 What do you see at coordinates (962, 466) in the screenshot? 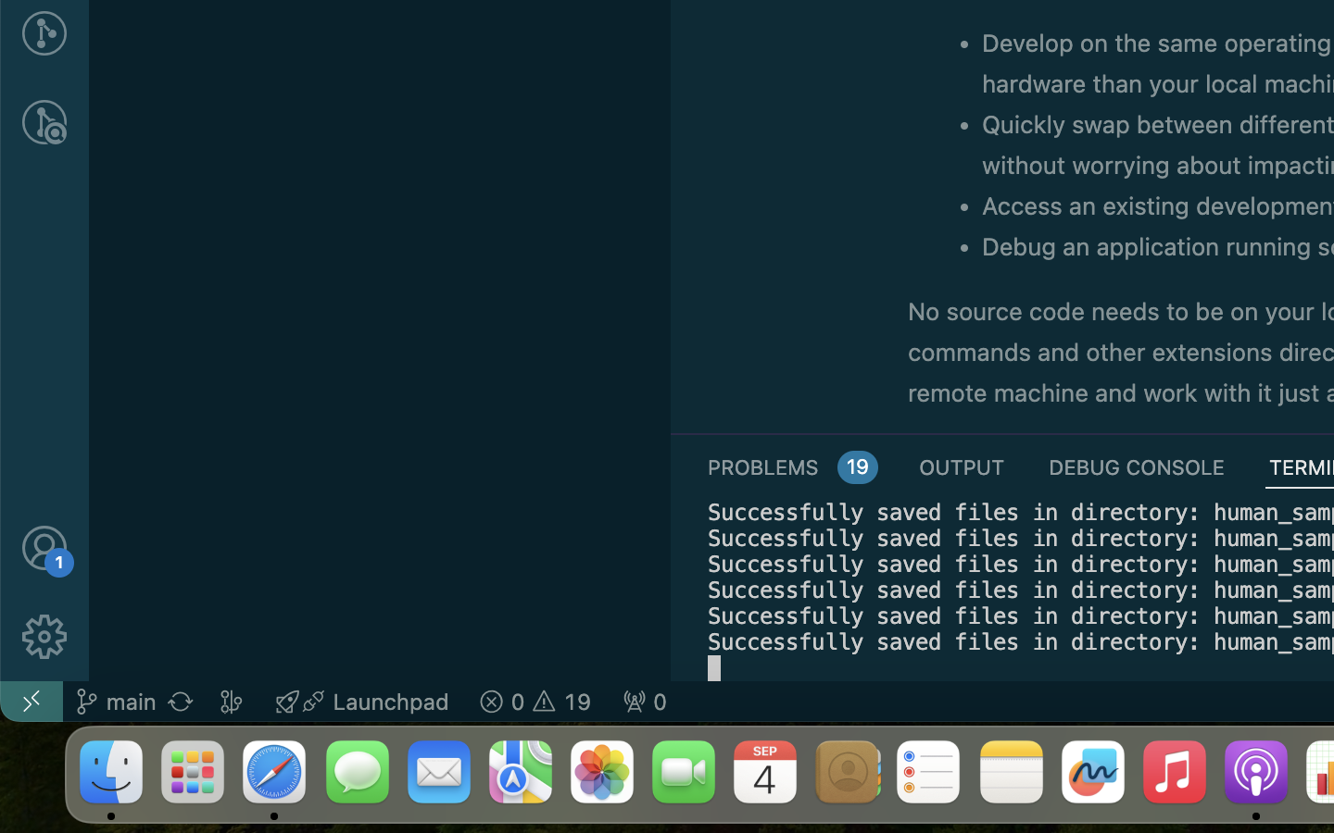
I see `'0 OUTPUT'` at bounding box center [962, 466].